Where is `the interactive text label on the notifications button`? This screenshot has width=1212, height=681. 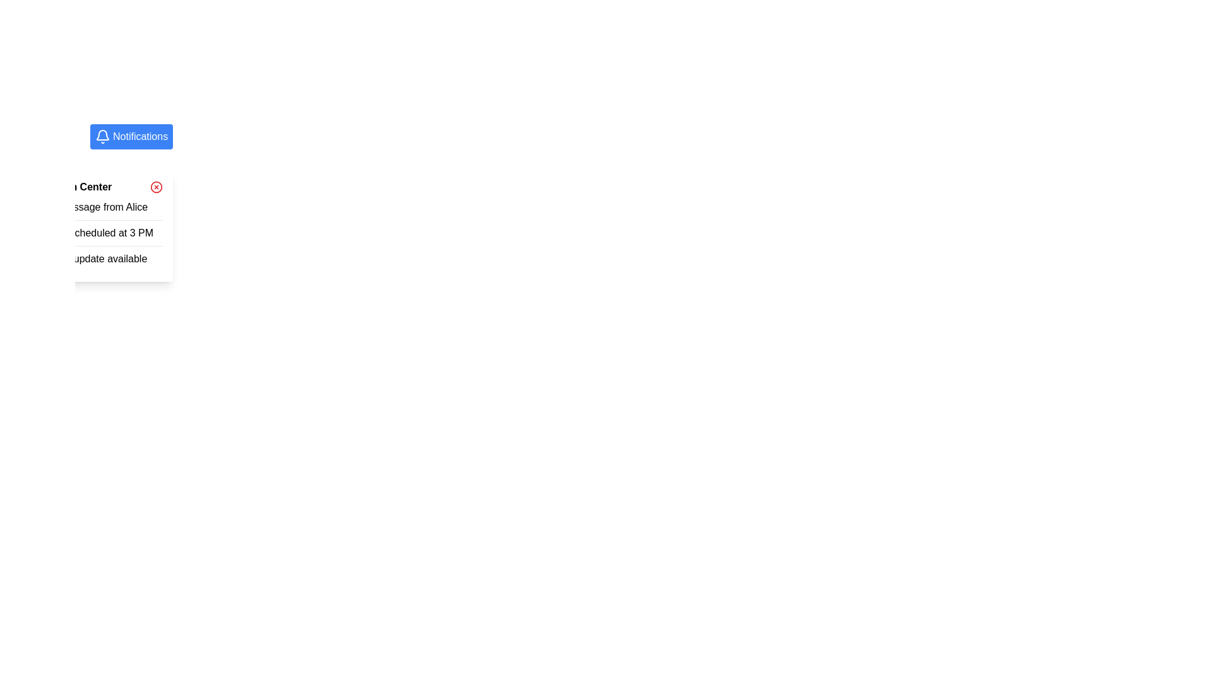
the interactive text label on the notifications button is located at coordinates (140, 136).